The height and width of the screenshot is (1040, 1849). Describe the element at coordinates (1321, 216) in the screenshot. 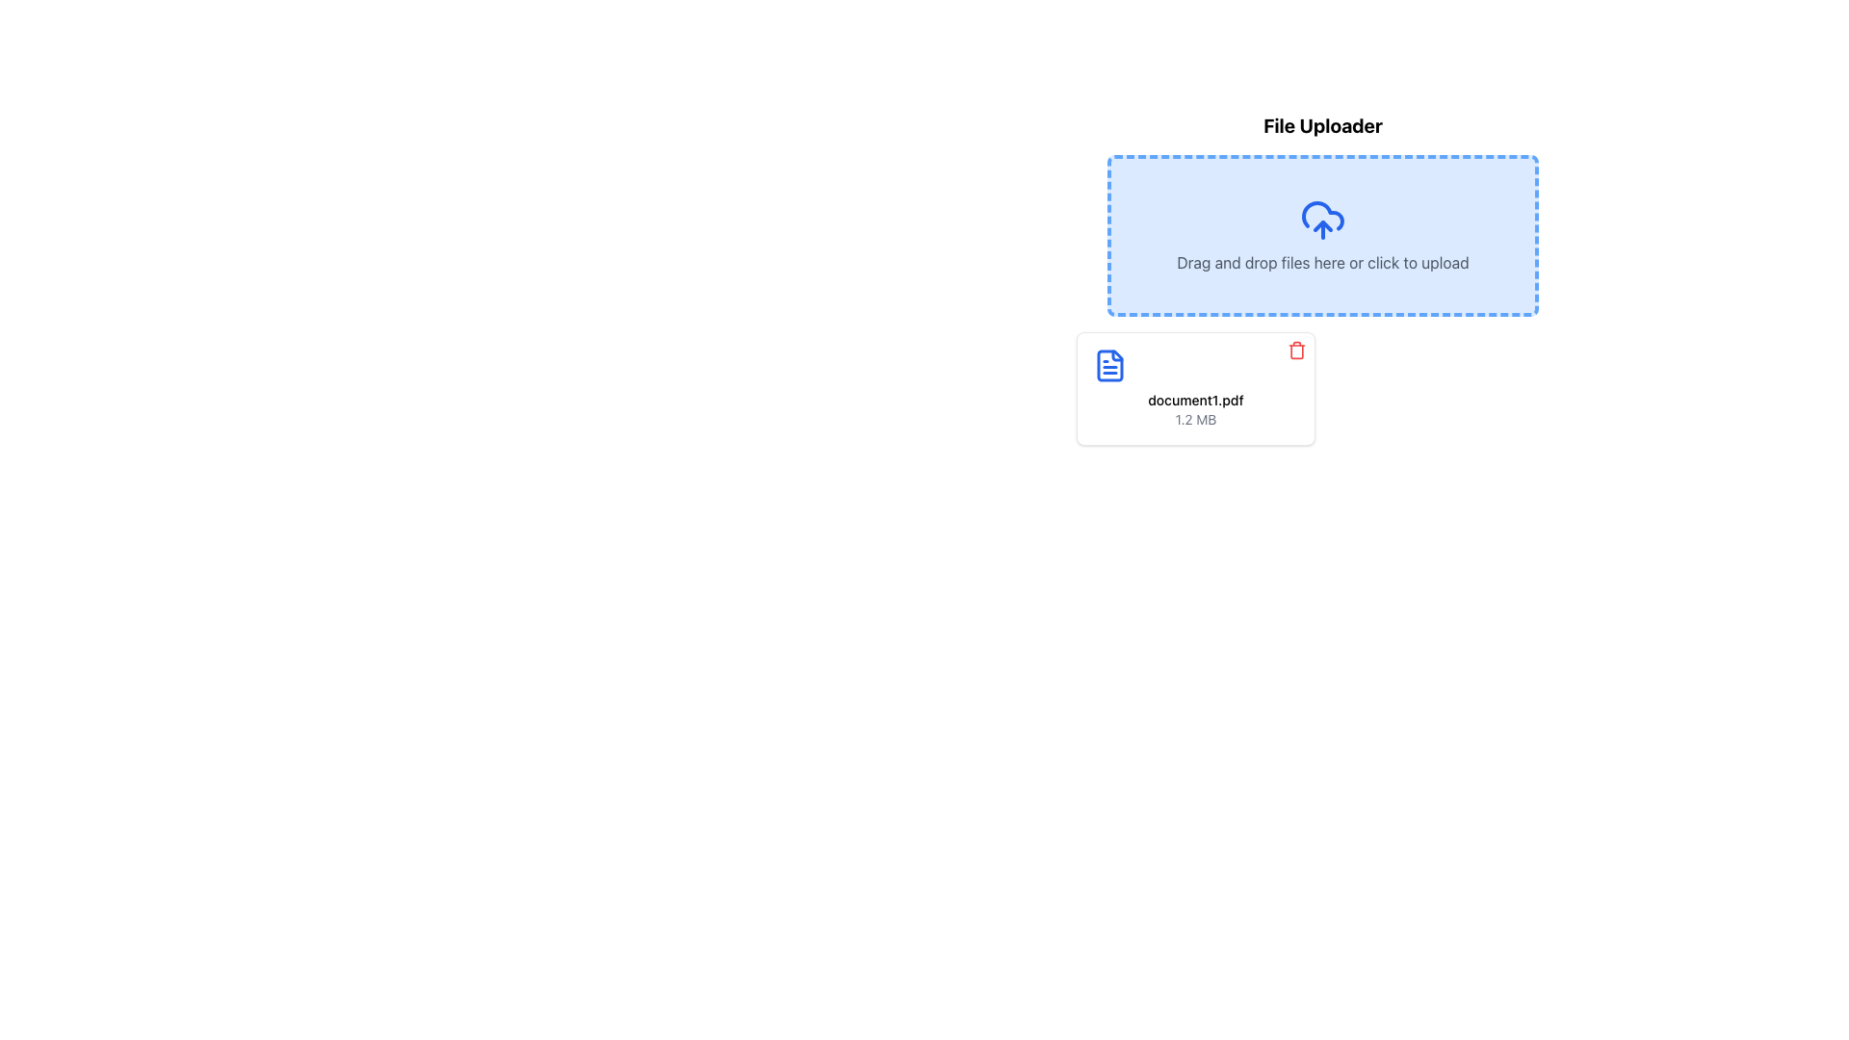

I see `the decorative cloud shape within the cloud upload icon, which enhances recognition of upload functionalities` at that location.